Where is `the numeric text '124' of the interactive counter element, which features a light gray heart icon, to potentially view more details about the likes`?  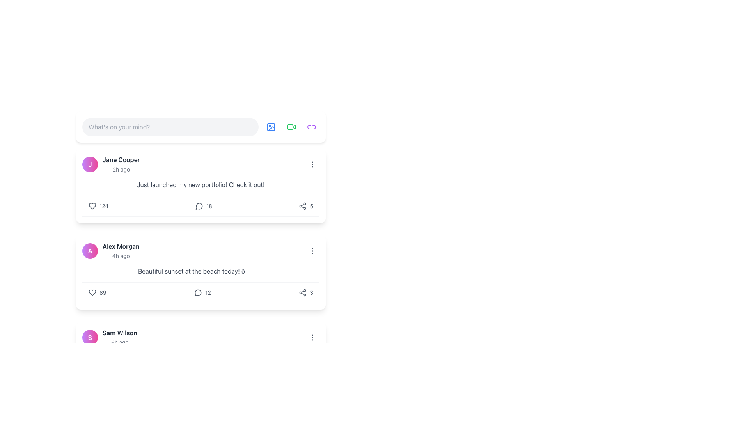
the numeric text '124' of the interactive counter element, which features a light gray heart icon, to potentially view more details about the likes is located at coordinates (98, 205).